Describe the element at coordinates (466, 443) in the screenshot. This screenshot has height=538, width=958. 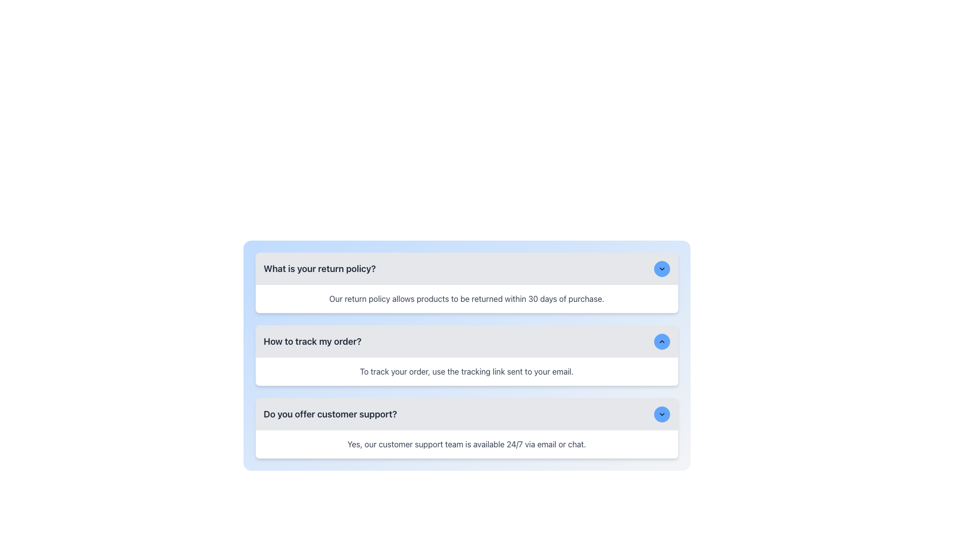
I see `text block that provides information about customer support availability, located in the second section under the question 'Do you offer customer support?'` at that location.